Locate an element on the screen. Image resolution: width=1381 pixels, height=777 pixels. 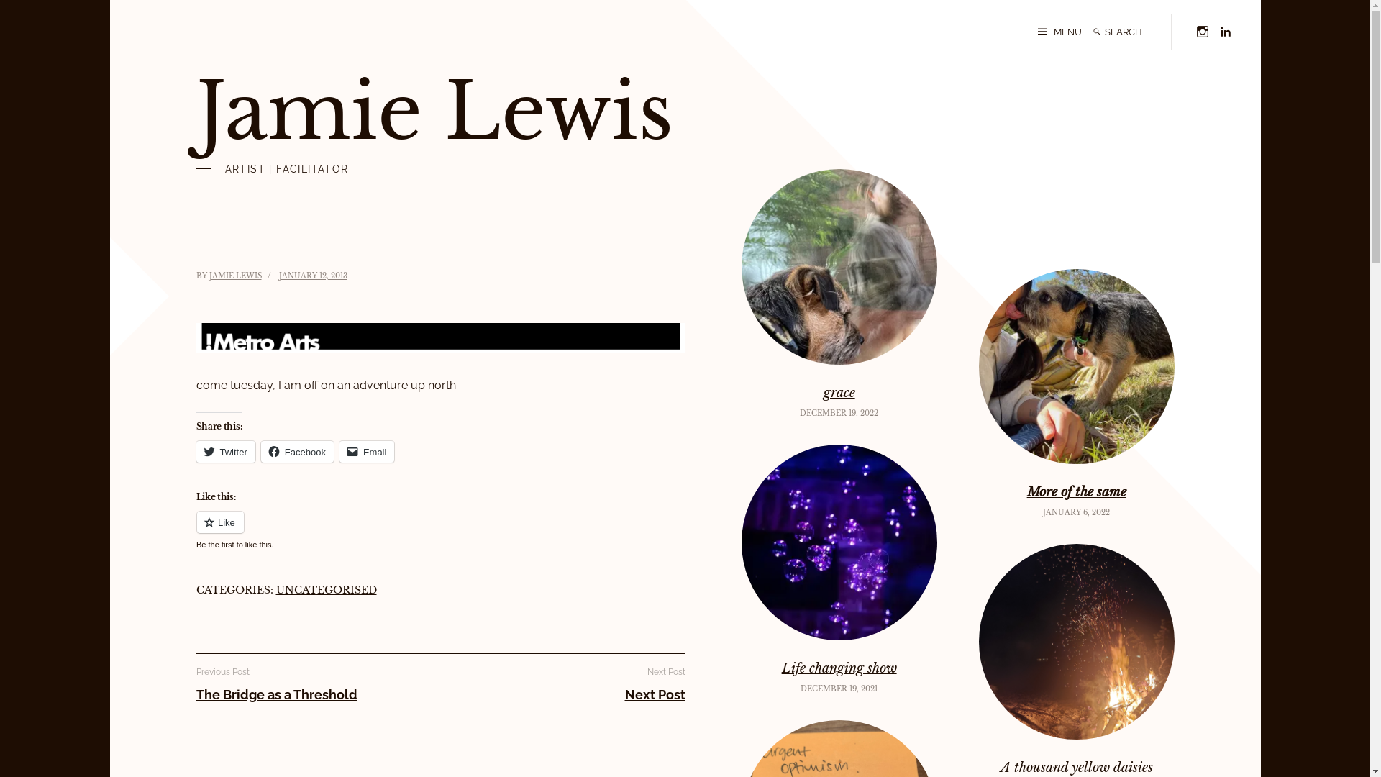
'DECEMBER 19, 2022' is located at coordinates (839, 413).